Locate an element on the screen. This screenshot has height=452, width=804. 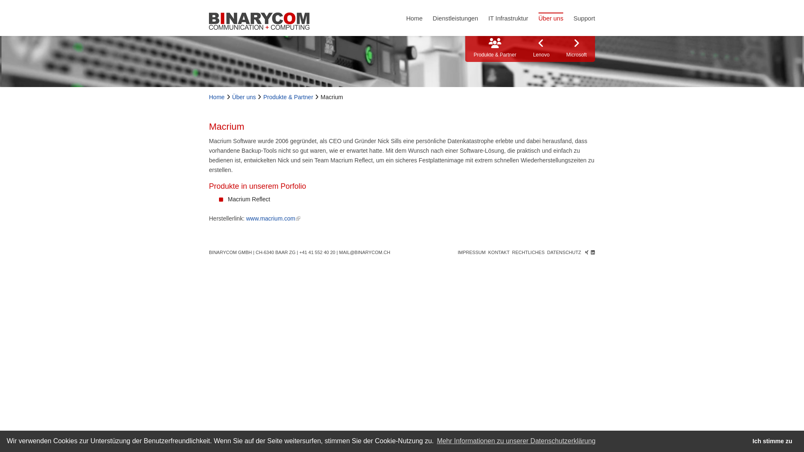
'Linkedin Profil besuchen' is located at coordinates (593, 252).